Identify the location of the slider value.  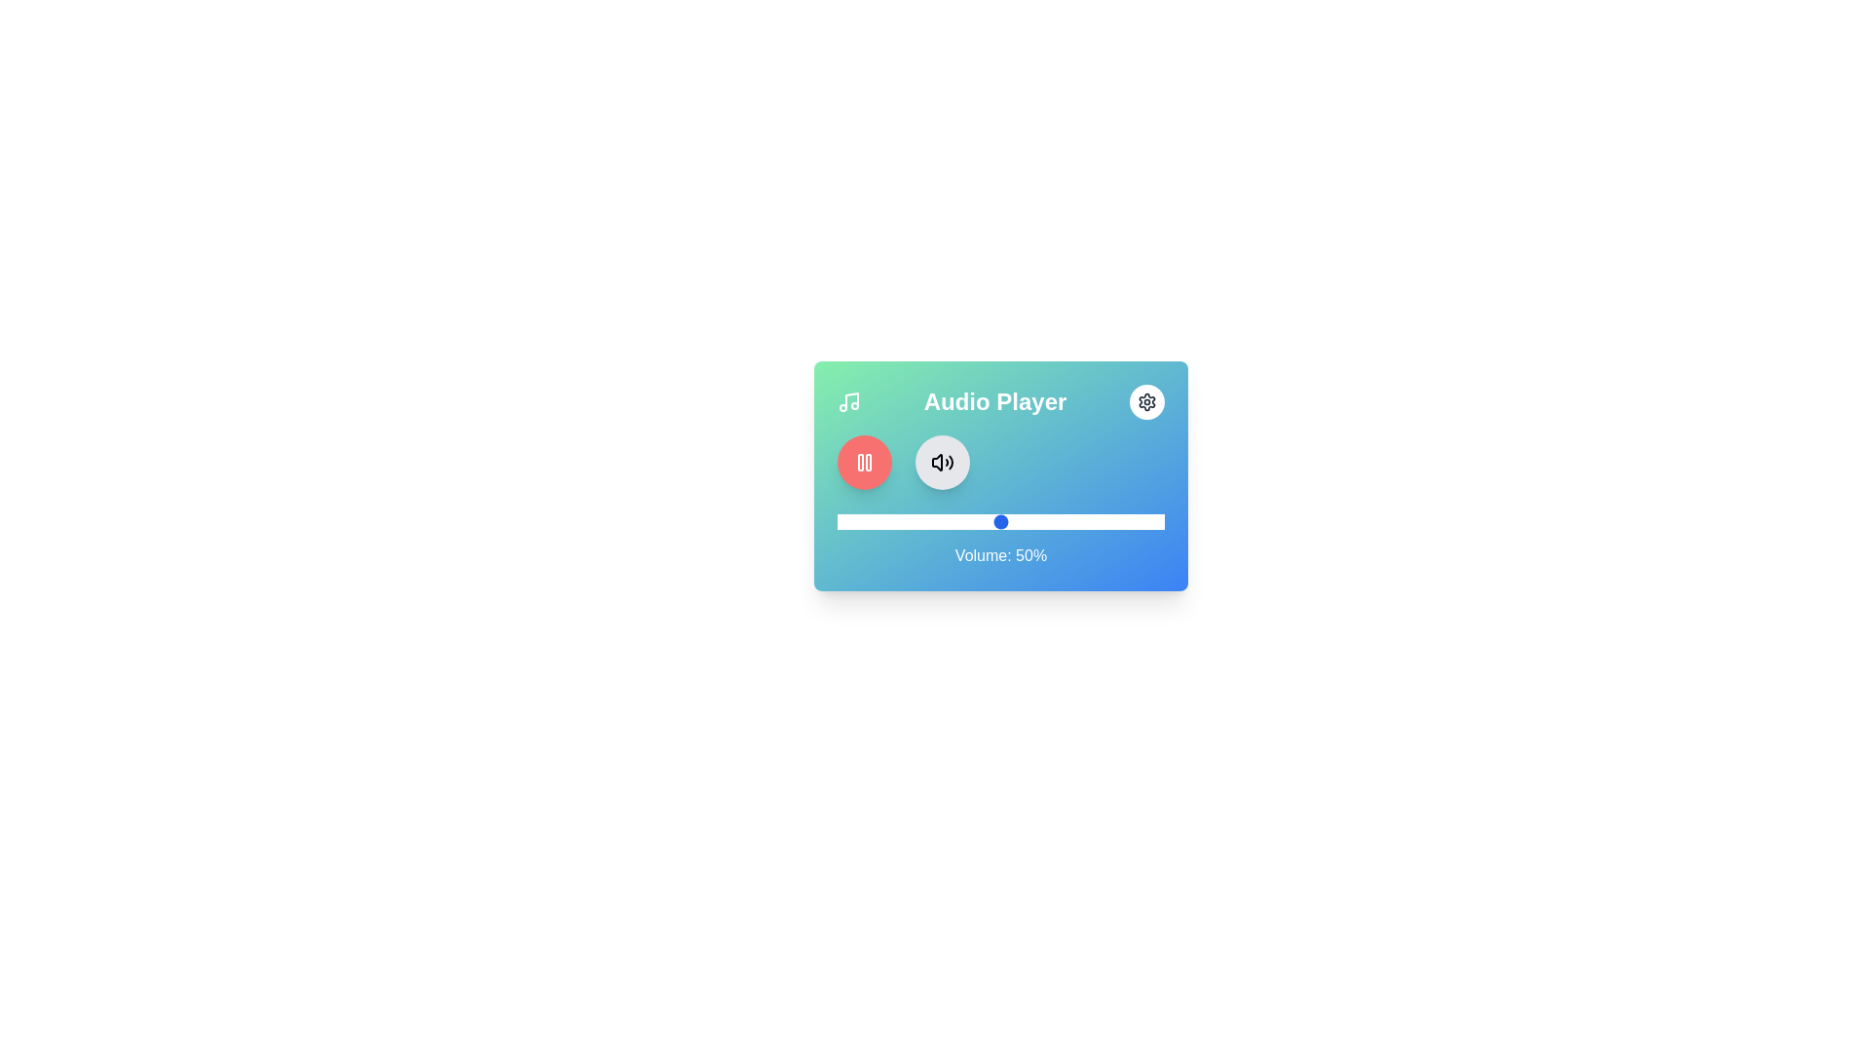
(882, 521).